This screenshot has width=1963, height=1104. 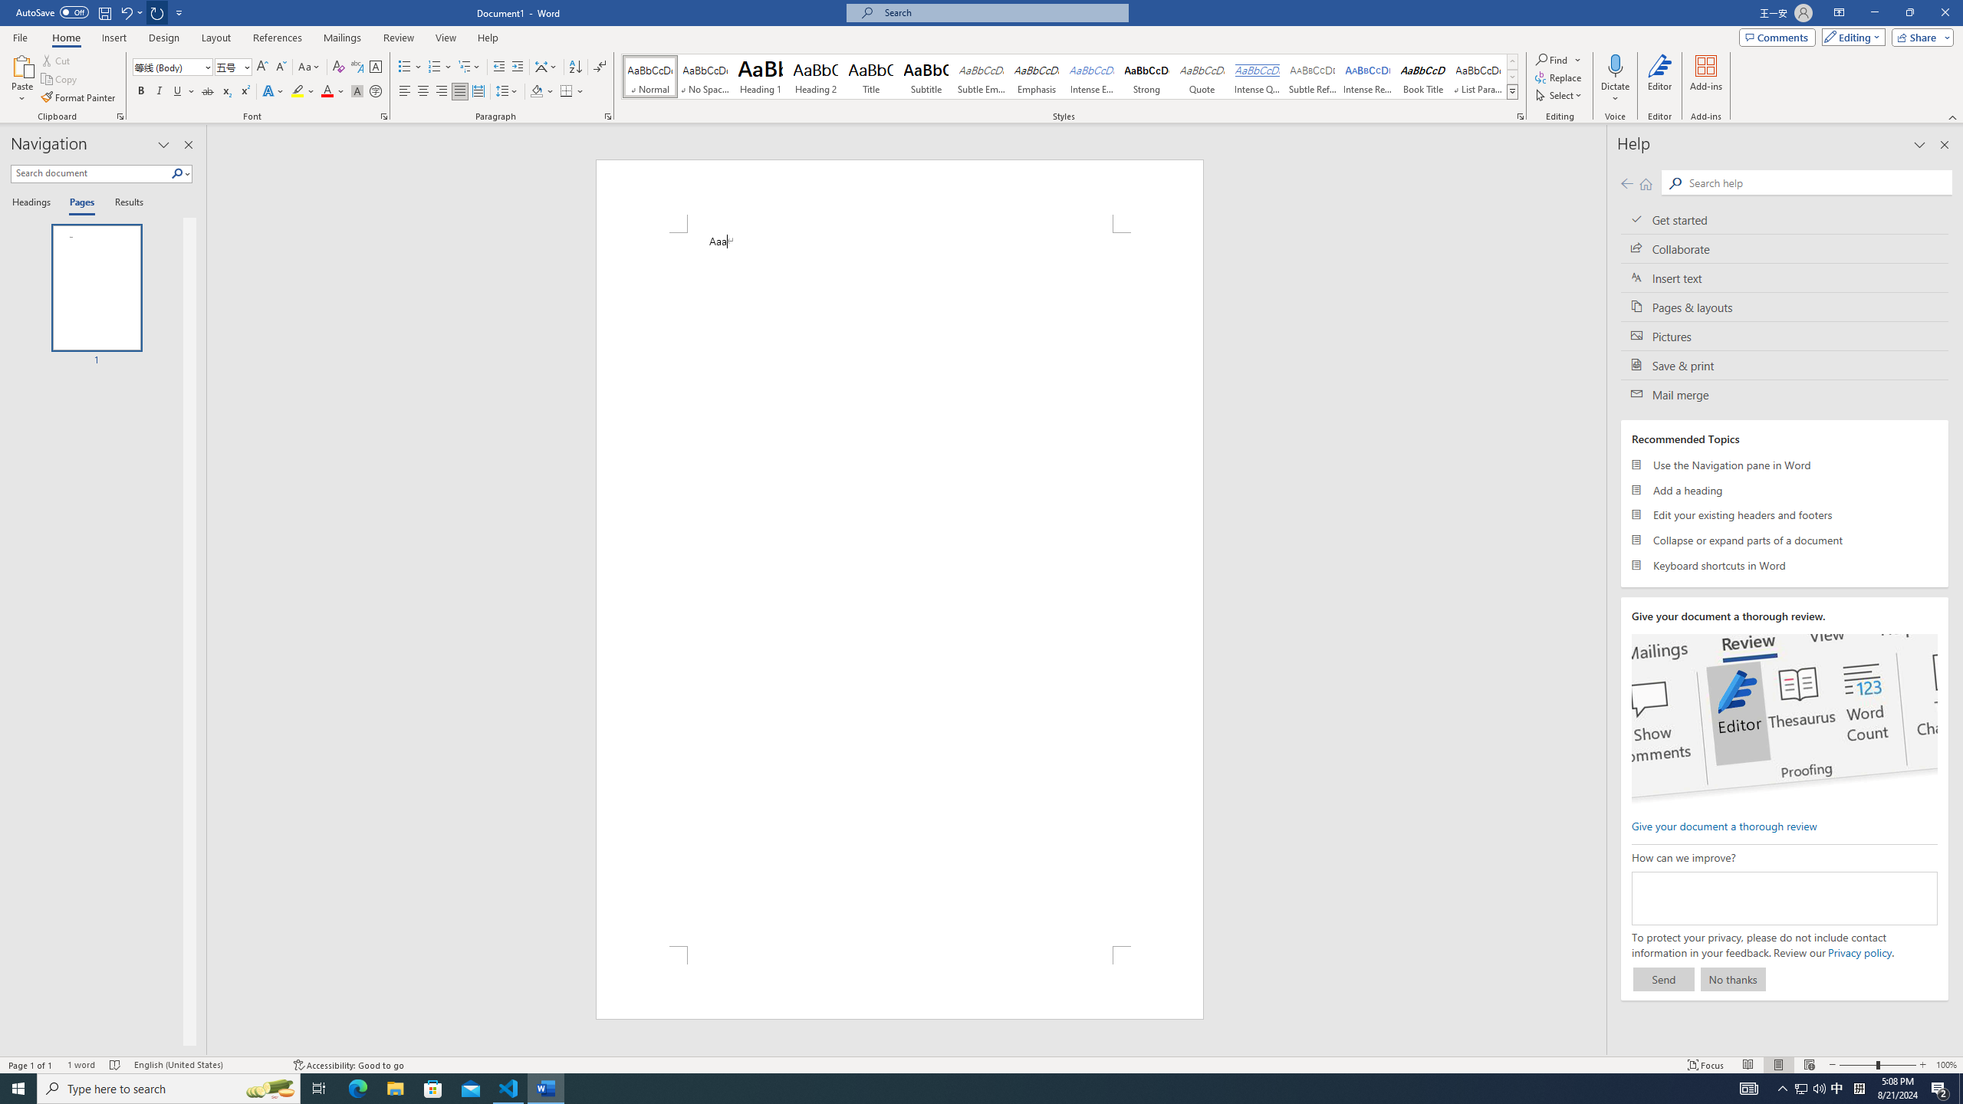 I want to click on 'Intense Reference', so click(x=1368, y=76).